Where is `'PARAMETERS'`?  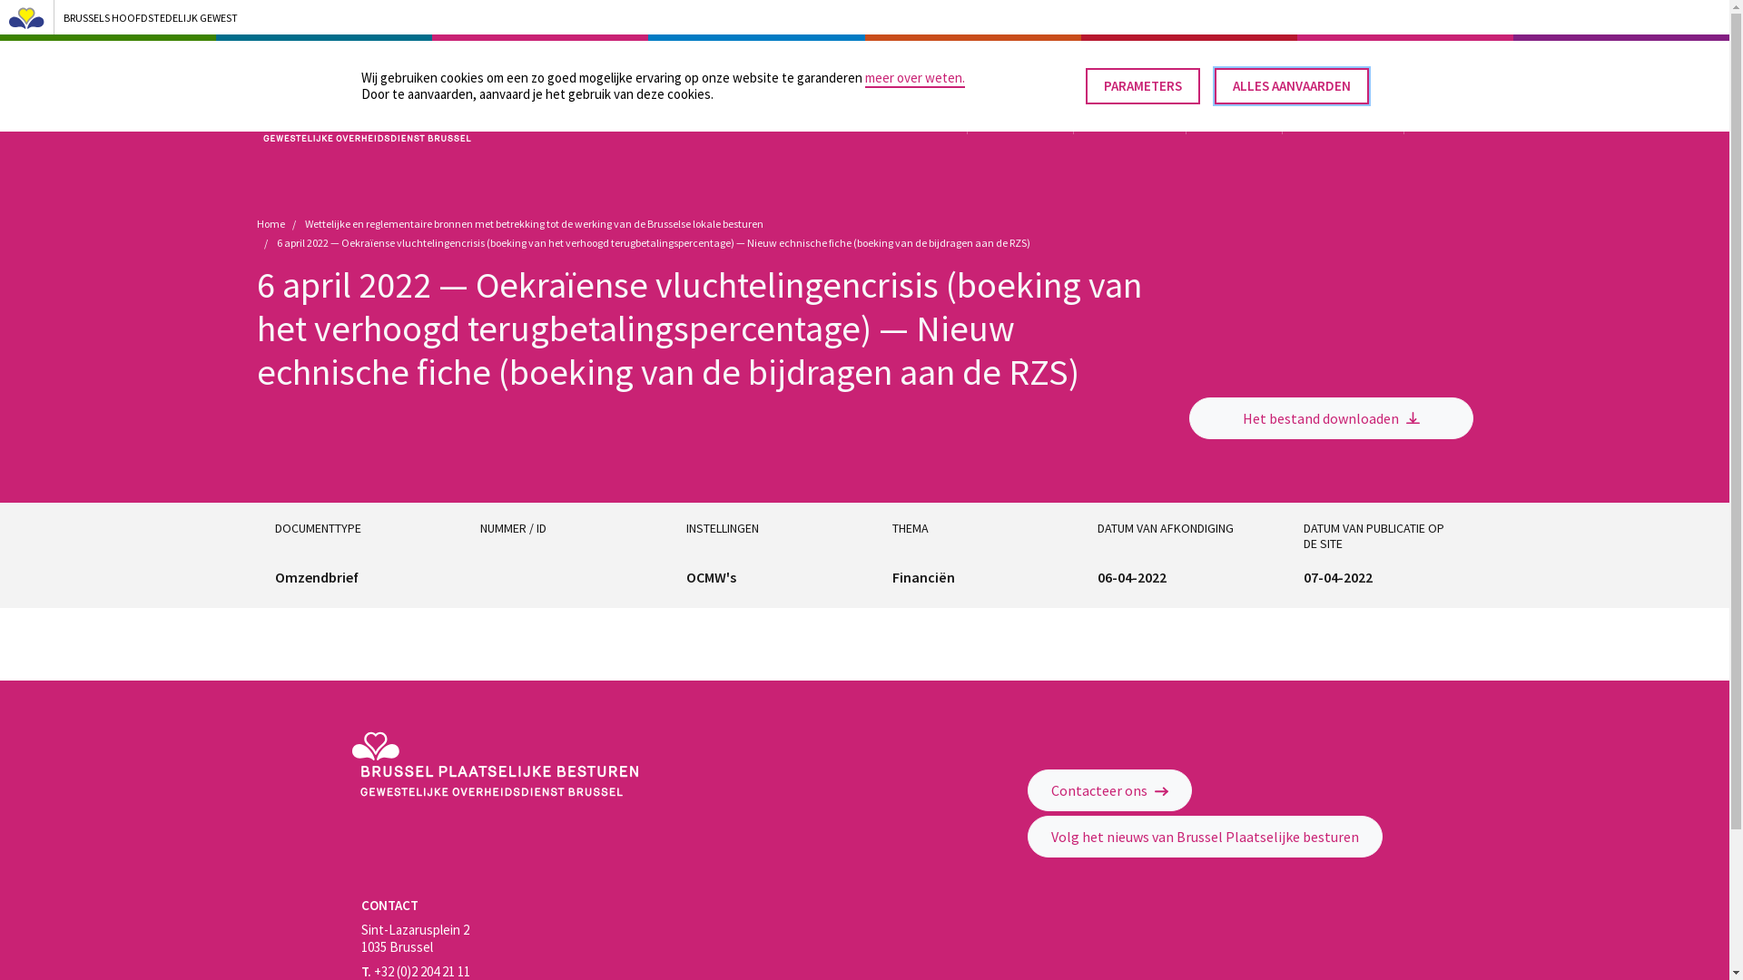 'PARAMETERS' is located at coordinates (1141, 86).